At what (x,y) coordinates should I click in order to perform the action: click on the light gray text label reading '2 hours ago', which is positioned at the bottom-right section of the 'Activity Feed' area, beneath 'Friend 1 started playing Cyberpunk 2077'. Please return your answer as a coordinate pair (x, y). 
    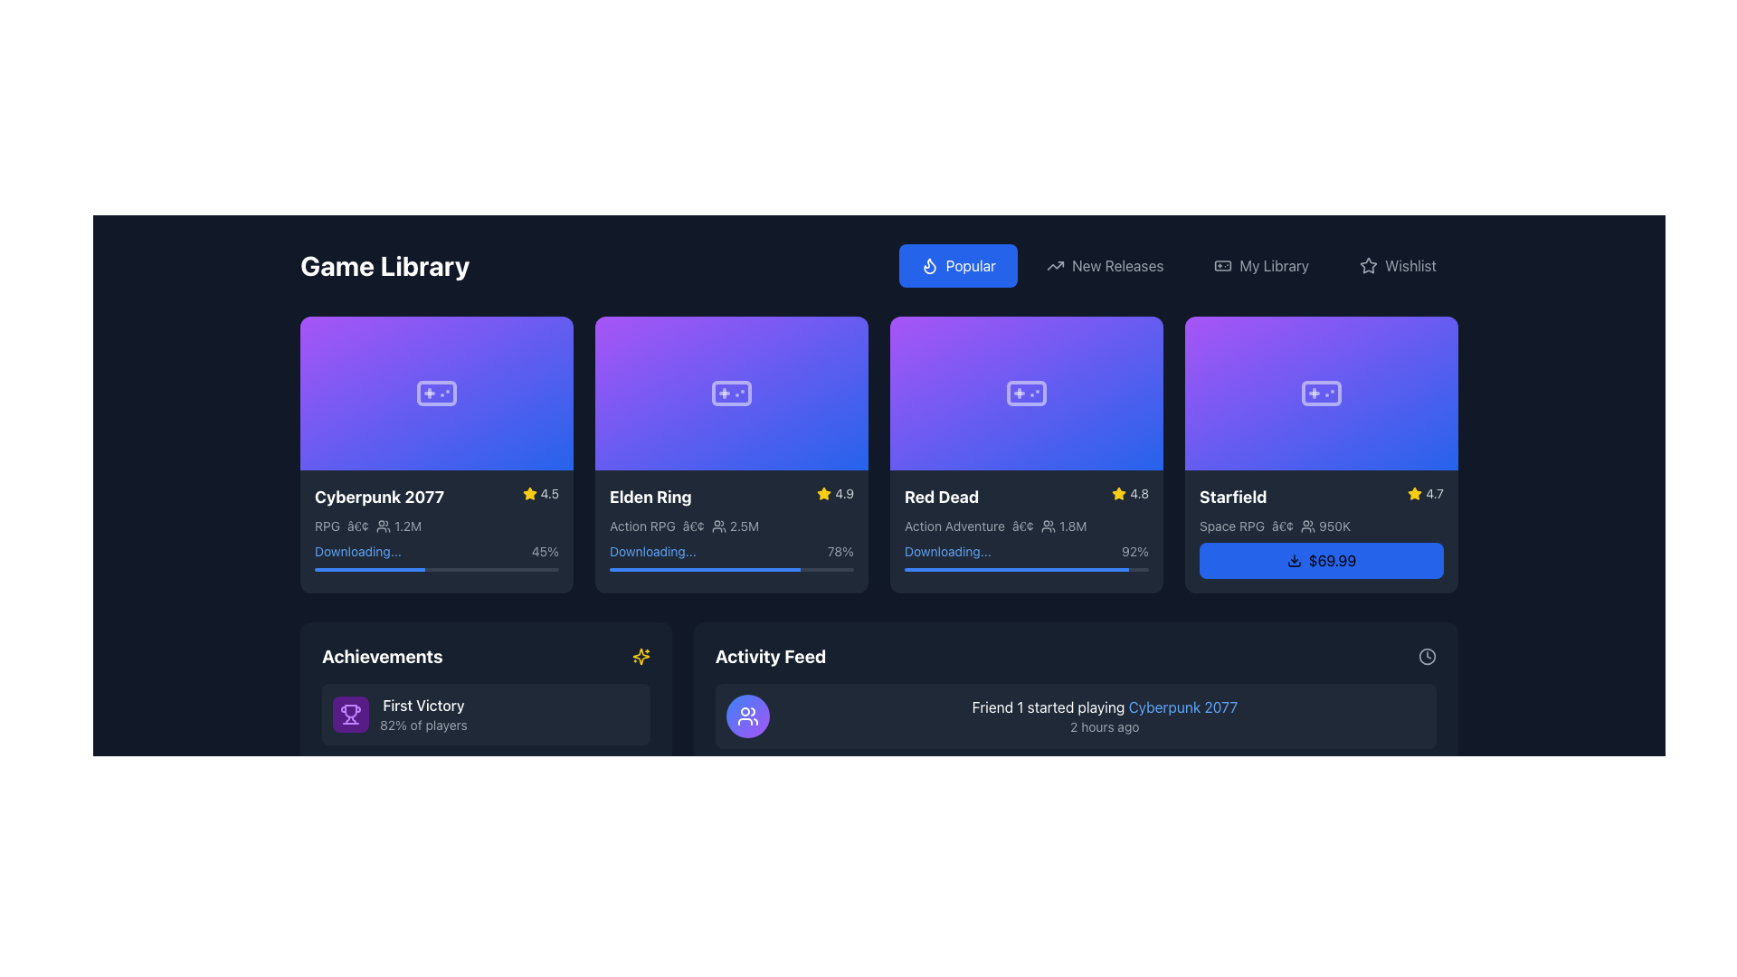
    Looking at the image, I should click on (1104, 726).